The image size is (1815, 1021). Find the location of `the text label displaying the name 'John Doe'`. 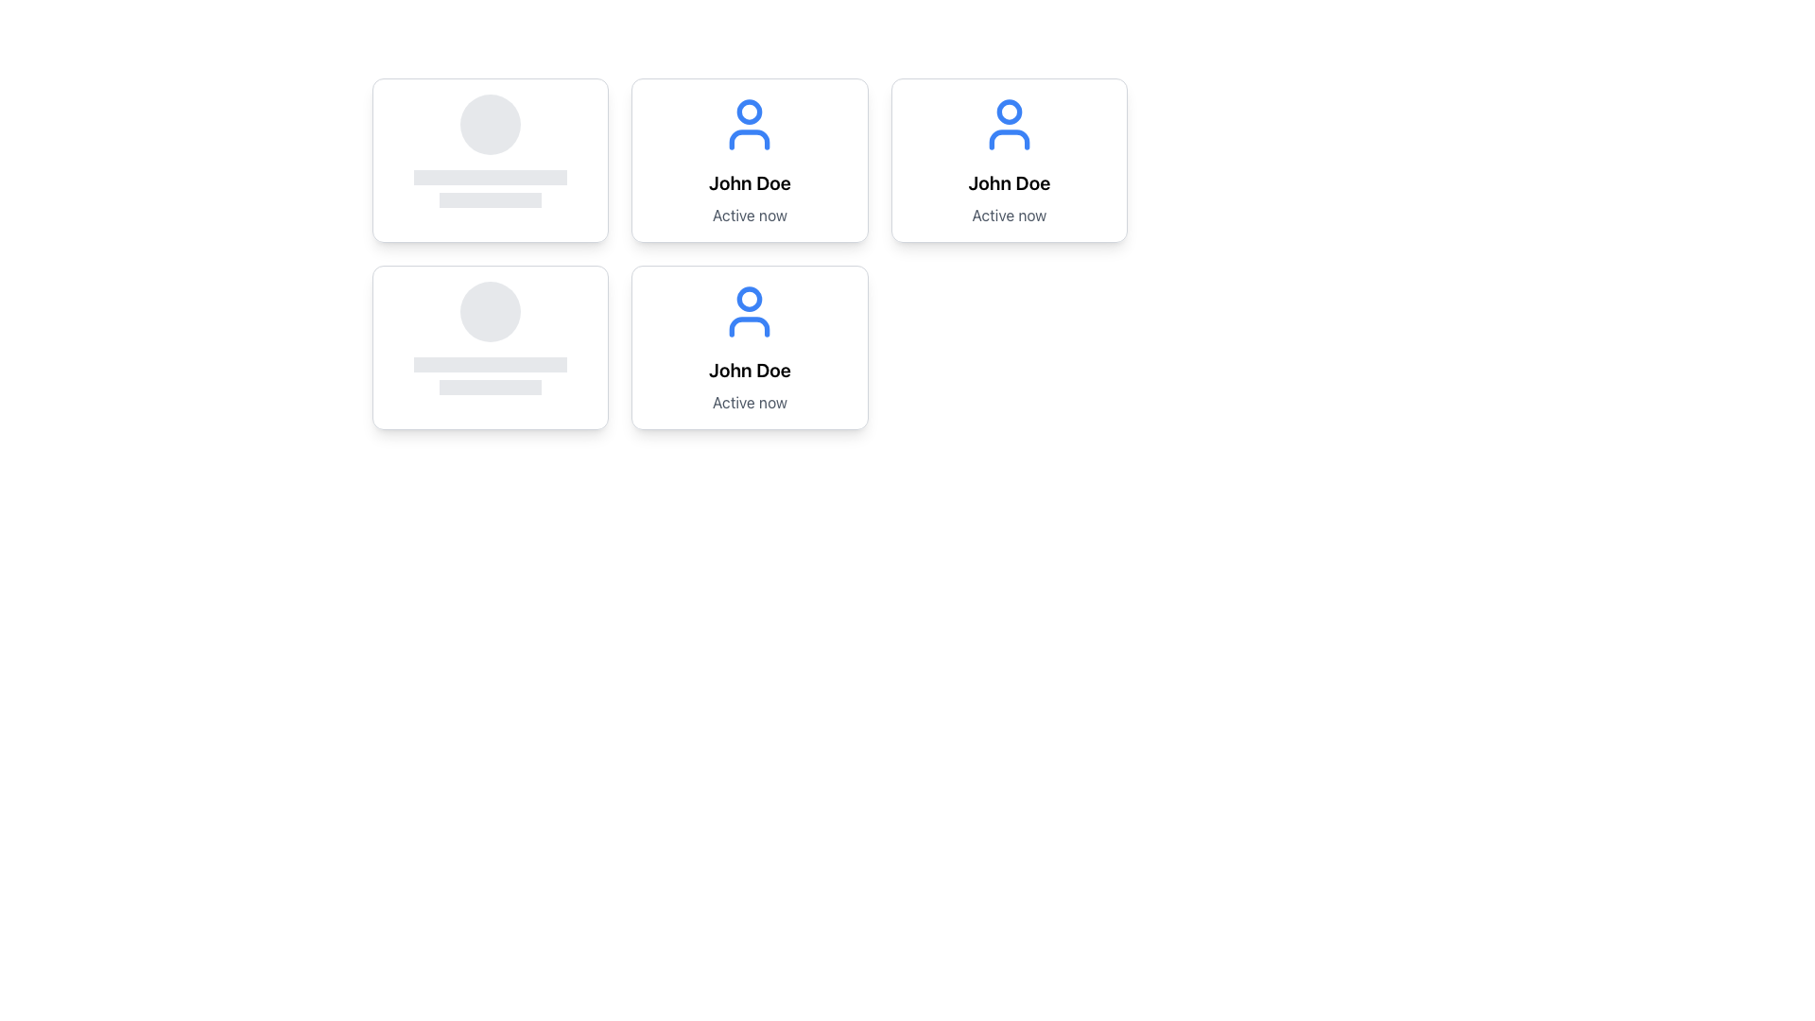

the text label displaying the name 'John Doe' is located at coordinates (1008, 182).